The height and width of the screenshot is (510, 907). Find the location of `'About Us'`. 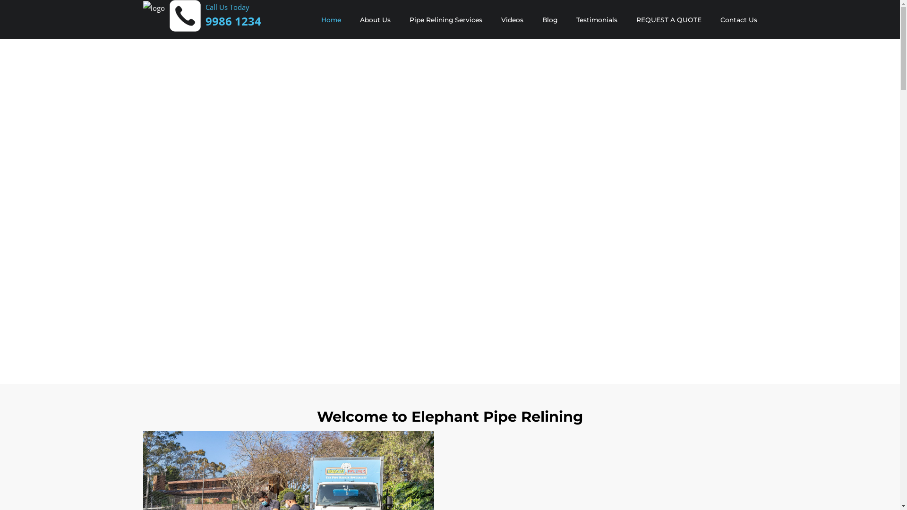

'About Us' is located at coordinates (375, 20).